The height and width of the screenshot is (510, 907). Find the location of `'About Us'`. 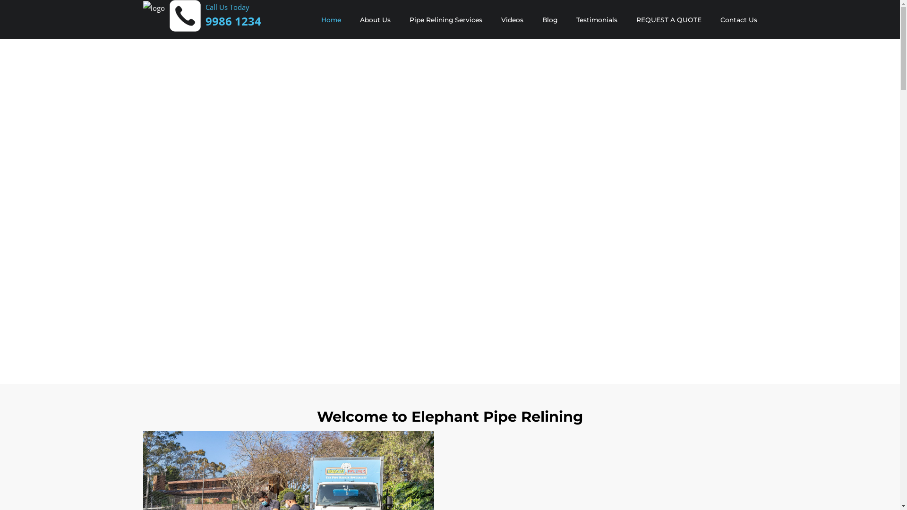

'About Us' is located at coordinates (375, 20).